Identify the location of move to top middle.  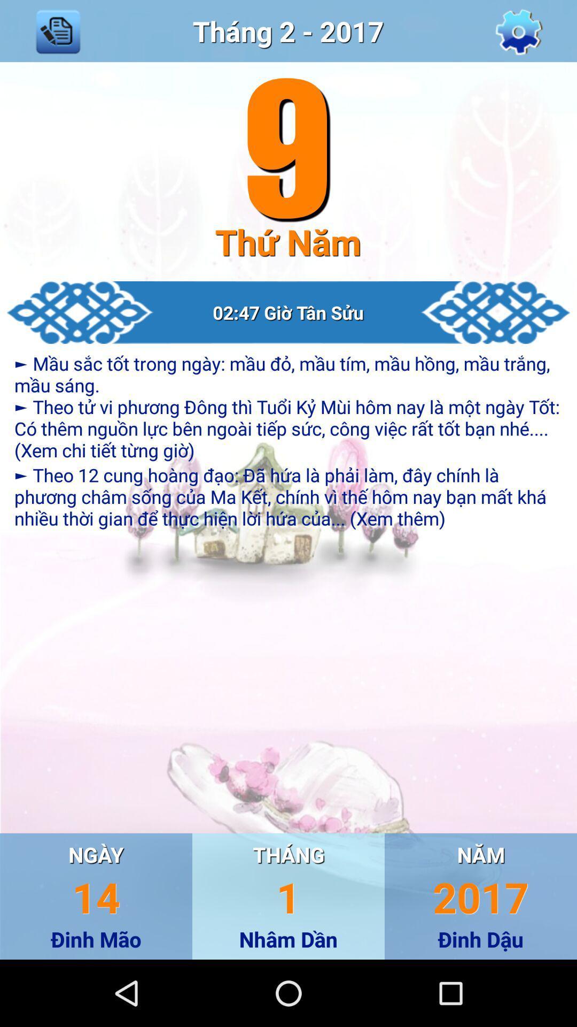
(288, 30).